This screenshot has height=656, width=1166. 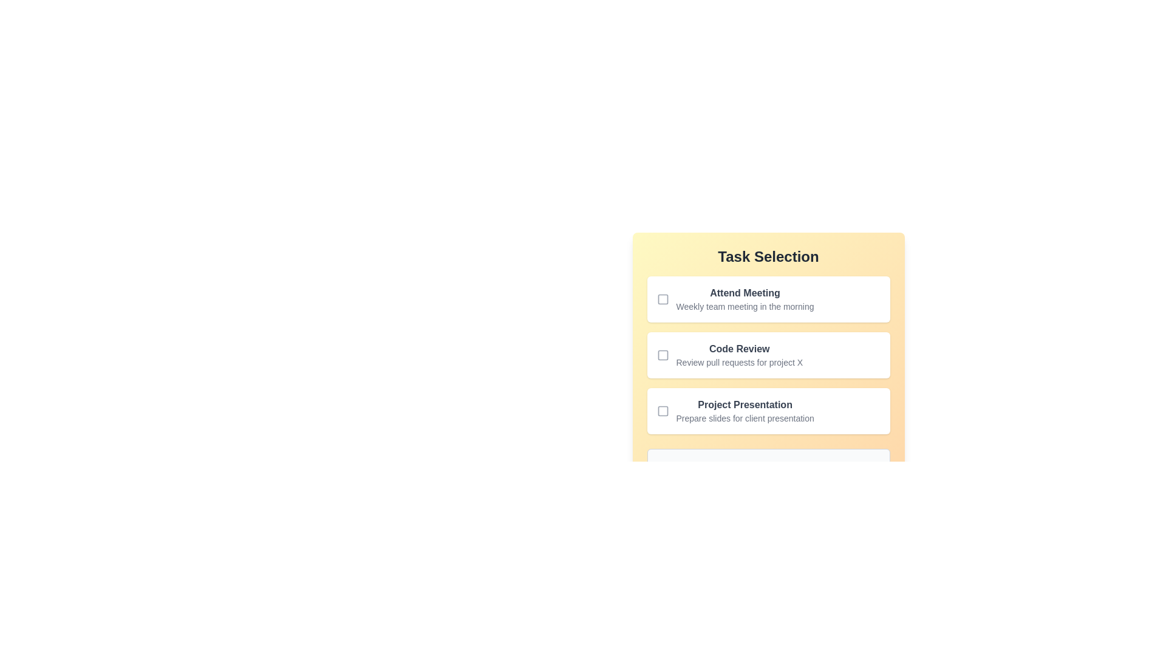 I want to click on the text element reading 'Weekly team meeting in the morning', which is styled in light gray and positioned below the heading 'Attend Meeting', so click(x=745, y=306).